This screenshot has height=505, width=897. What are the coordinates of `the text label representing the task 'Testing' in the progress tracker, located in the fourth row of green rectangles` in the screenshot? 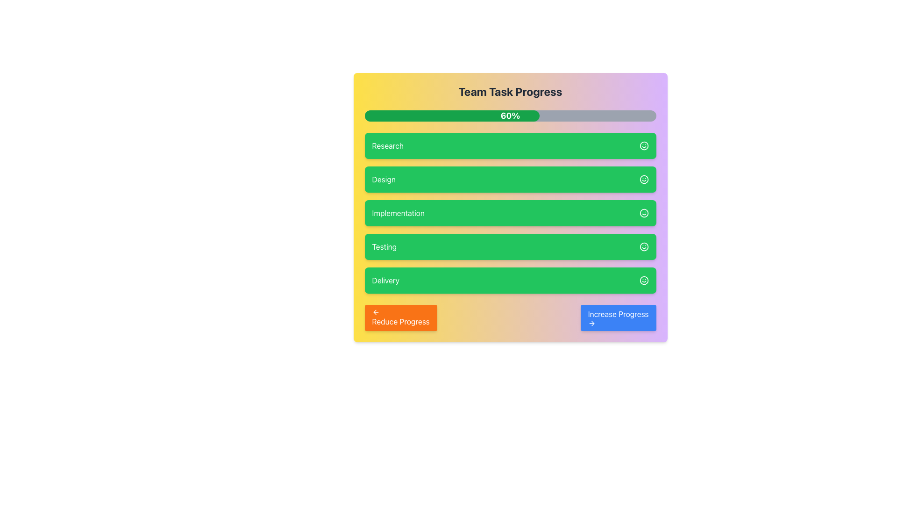 It's located at (384, 246).